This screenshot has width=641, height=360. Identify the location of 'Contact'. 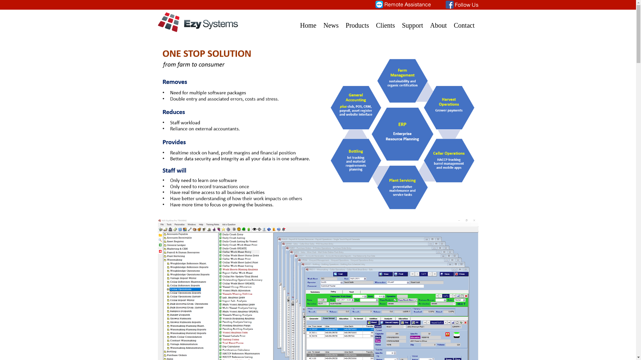
(464, 21).